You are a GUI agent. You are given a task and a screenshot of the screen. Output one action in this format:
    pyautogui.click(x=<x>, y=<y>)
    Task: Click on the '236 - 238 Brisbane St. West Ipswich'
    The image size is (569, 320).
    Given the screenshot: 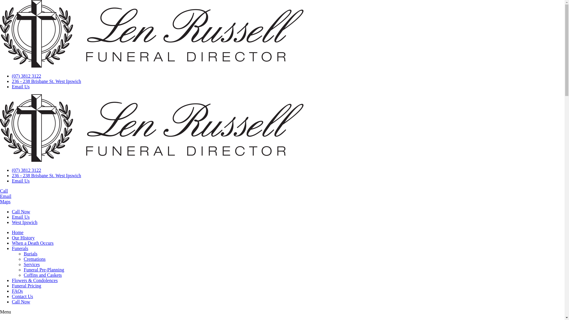 What is the action you would take?
    pyautogui.click(x=46, y=81)
    